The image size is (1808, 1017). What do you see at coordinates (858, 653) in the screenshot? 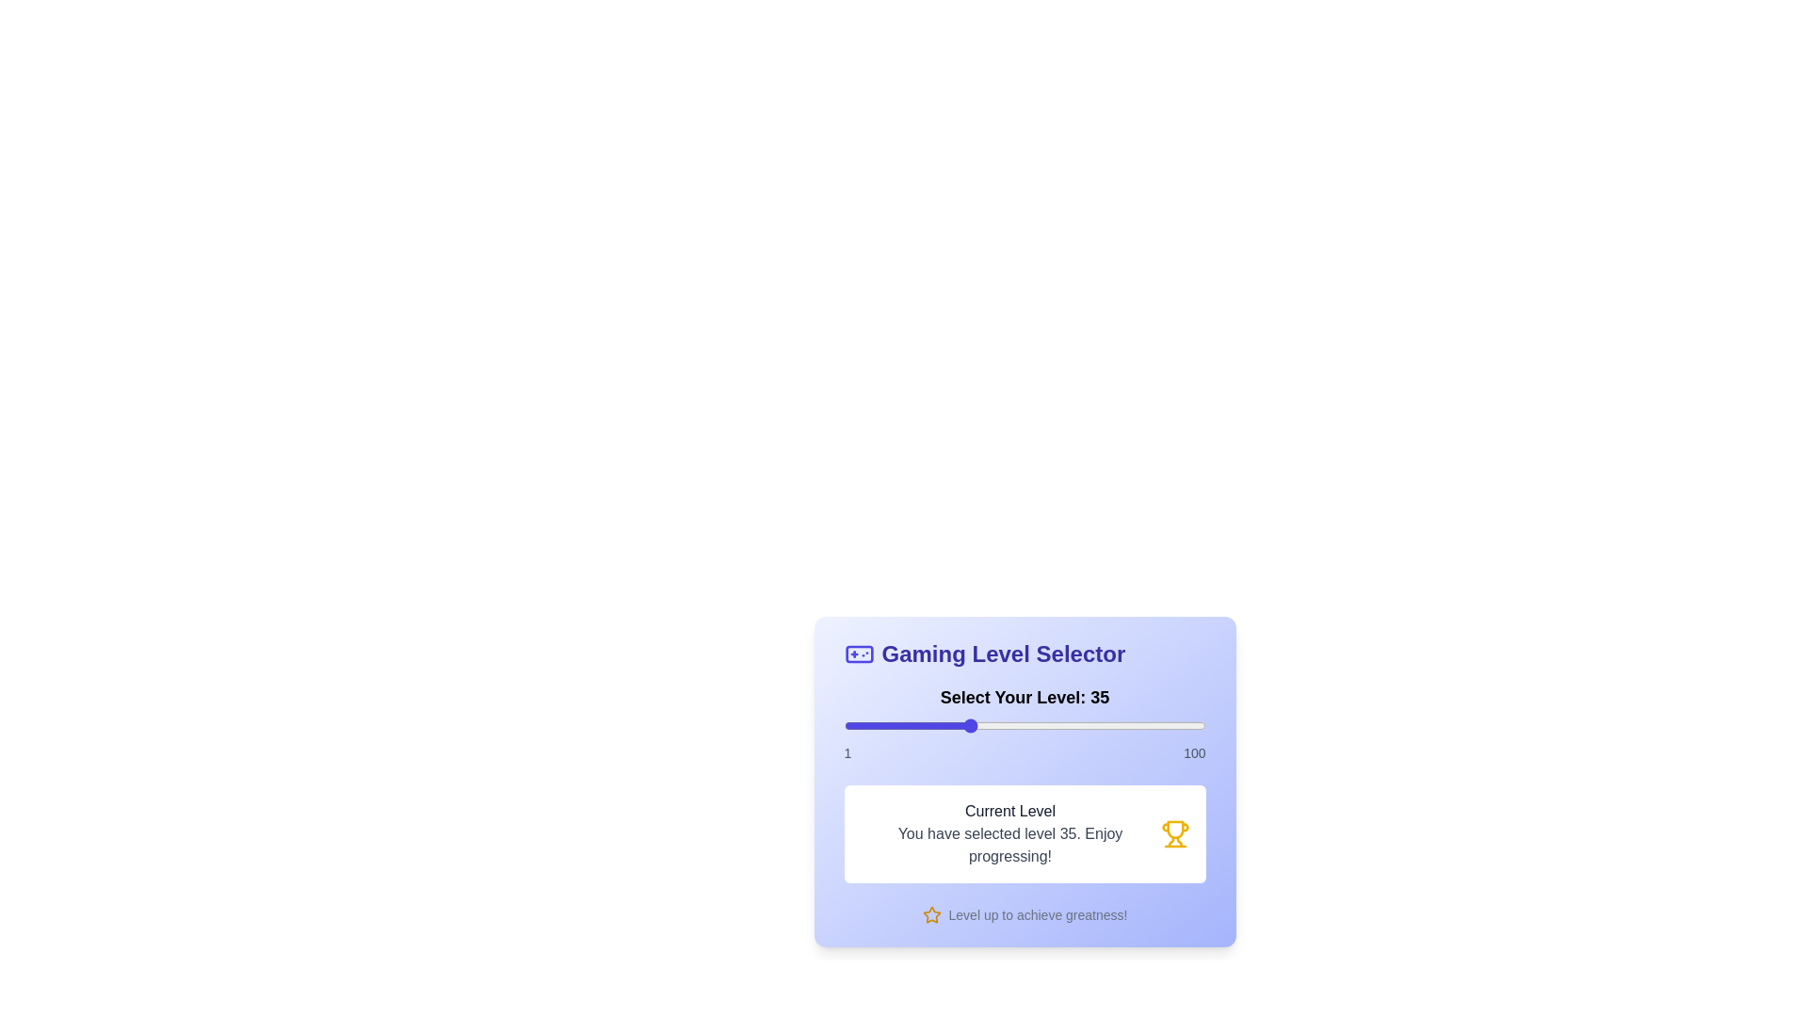
I see `the Decorative icon which is a gaming-themed icon styled with indigo strokes, located to the left of the 'Gaming Level Selector' text in the header section of the card component` at bounding box center [858, 653].